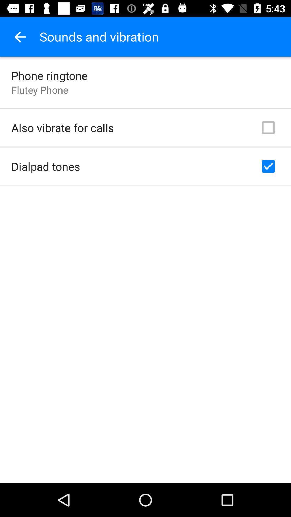  I want to click on flutey phone, so click(39, 90).